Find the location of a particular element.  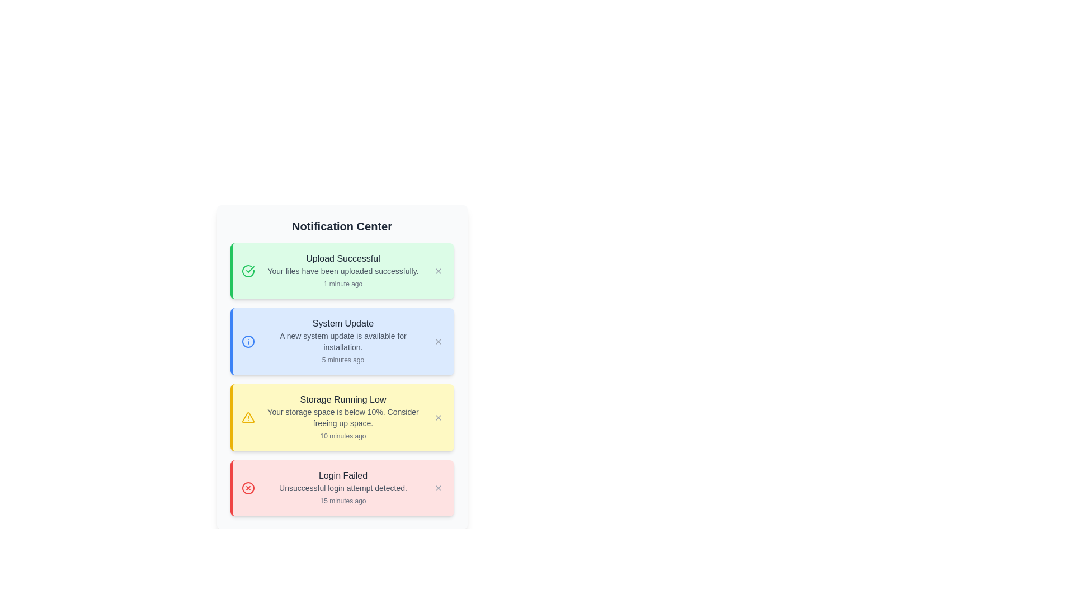

the text label displaying '10 minutes ago' located at the bottom-right of the third notification card with a yellow background in the notification list is located at coordinates (342, 435).